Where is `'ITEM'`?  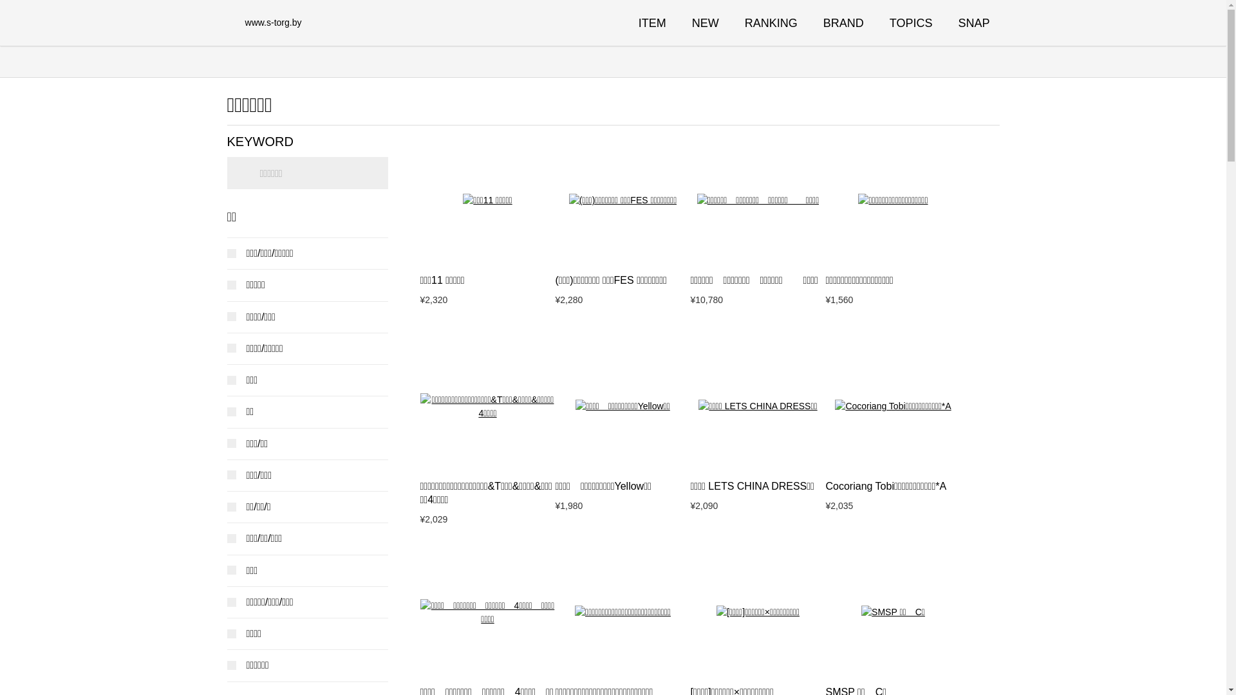 'ITEM' is located at coordinates (652, 23).